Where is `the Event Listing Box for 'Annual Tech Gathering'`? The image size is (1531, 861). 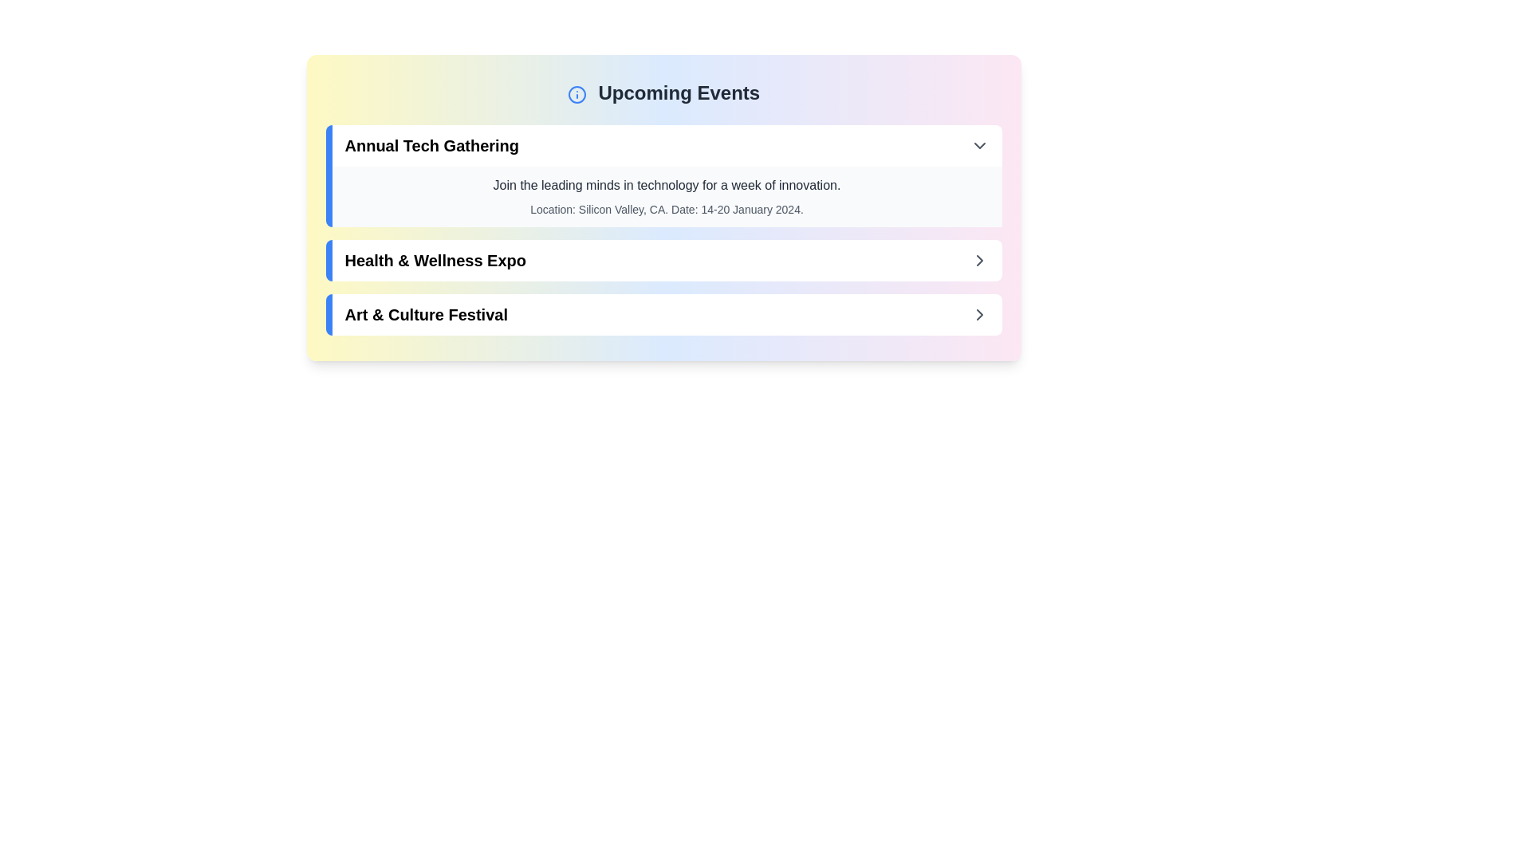
the Event Listing Box for 'Annual Tech Gathering' is located at coordinates (663, 230).